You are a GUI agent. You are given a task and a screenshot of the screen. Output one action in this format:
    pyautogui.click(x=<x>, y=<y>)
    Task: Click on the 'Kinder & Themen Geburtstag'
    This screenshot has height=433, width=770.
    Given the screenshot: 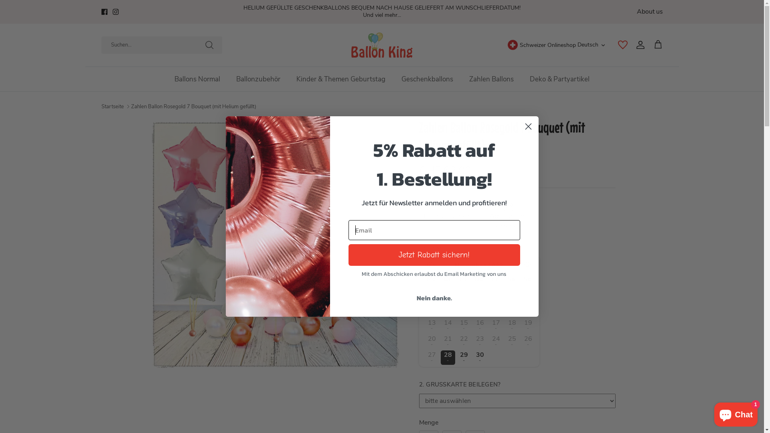 What is the action you would take?
    pyautogui.click(x=340, y=79)
    